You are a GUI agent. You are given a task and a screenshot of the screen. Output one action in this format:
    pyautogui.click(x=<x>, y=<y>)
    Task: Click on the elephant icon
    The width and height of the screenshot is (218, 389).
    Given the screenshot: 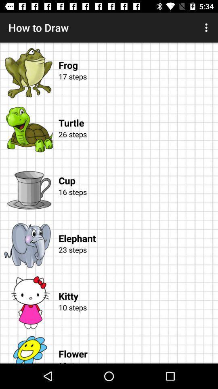 What is the action you would take?
    pyautogui.click(x=138, y=230)
    